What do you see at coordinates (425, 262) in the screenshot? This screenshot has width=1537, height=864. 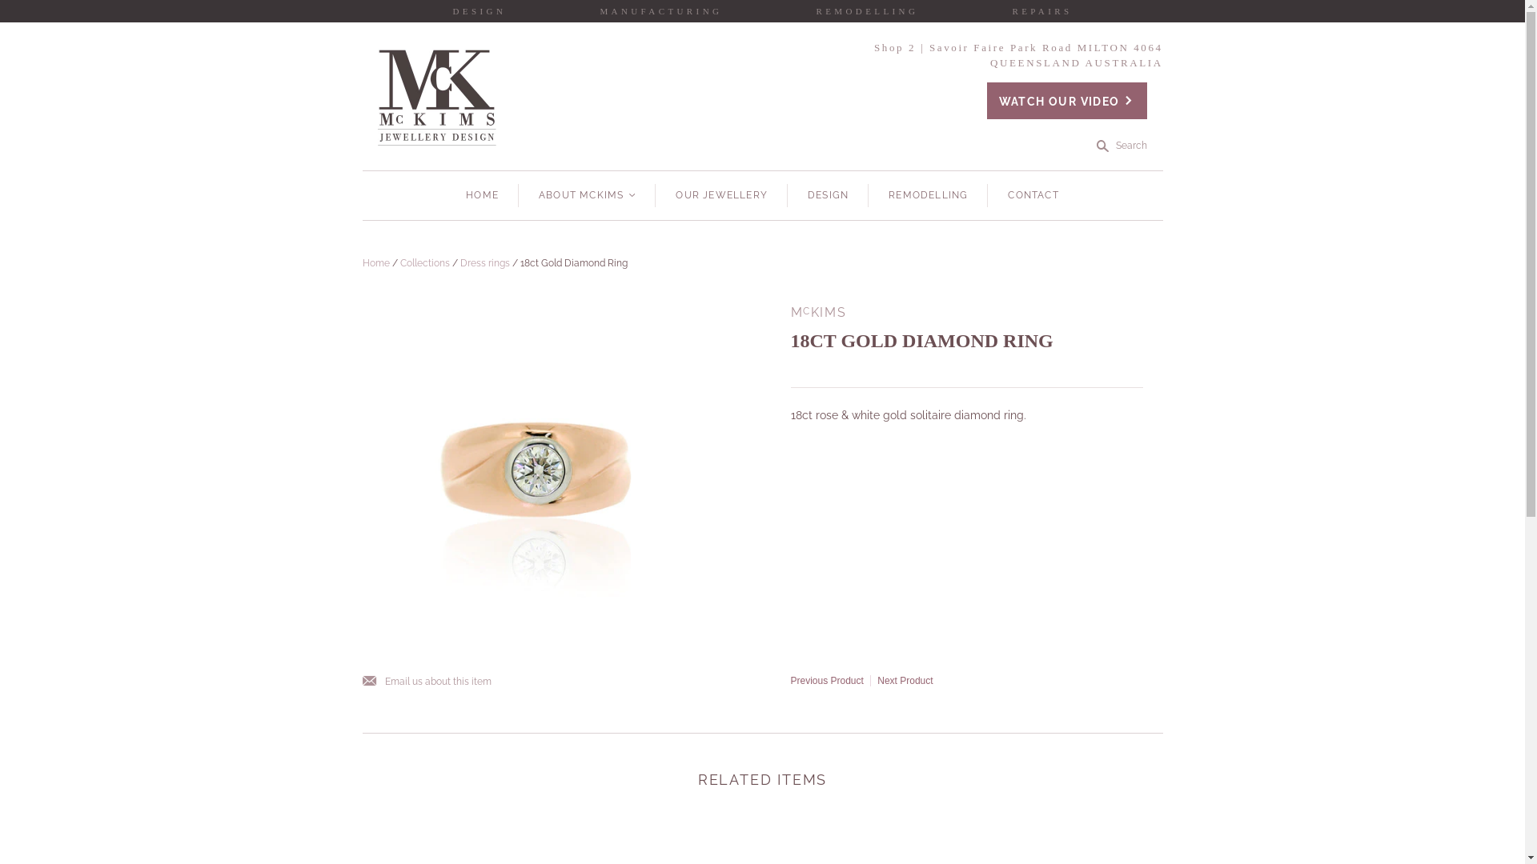 I see `'Collections'` at bounding box center [425, 262].